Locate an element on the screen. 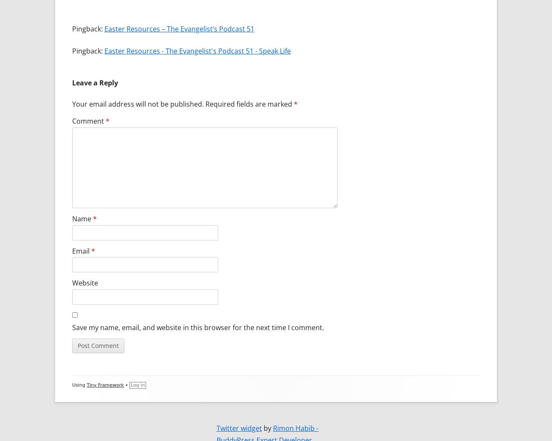  'Your email address will not be published.' is located at coordinates (138, 103).